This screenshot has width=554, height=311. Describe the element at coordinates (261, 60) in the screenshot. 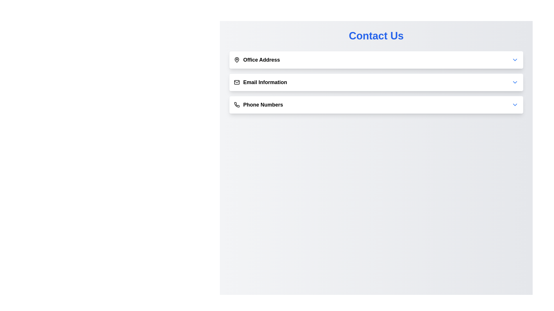

I see `'Office Address' label that serves as a heading for the office address section, positioned to the right of the map pin icon` at that location.